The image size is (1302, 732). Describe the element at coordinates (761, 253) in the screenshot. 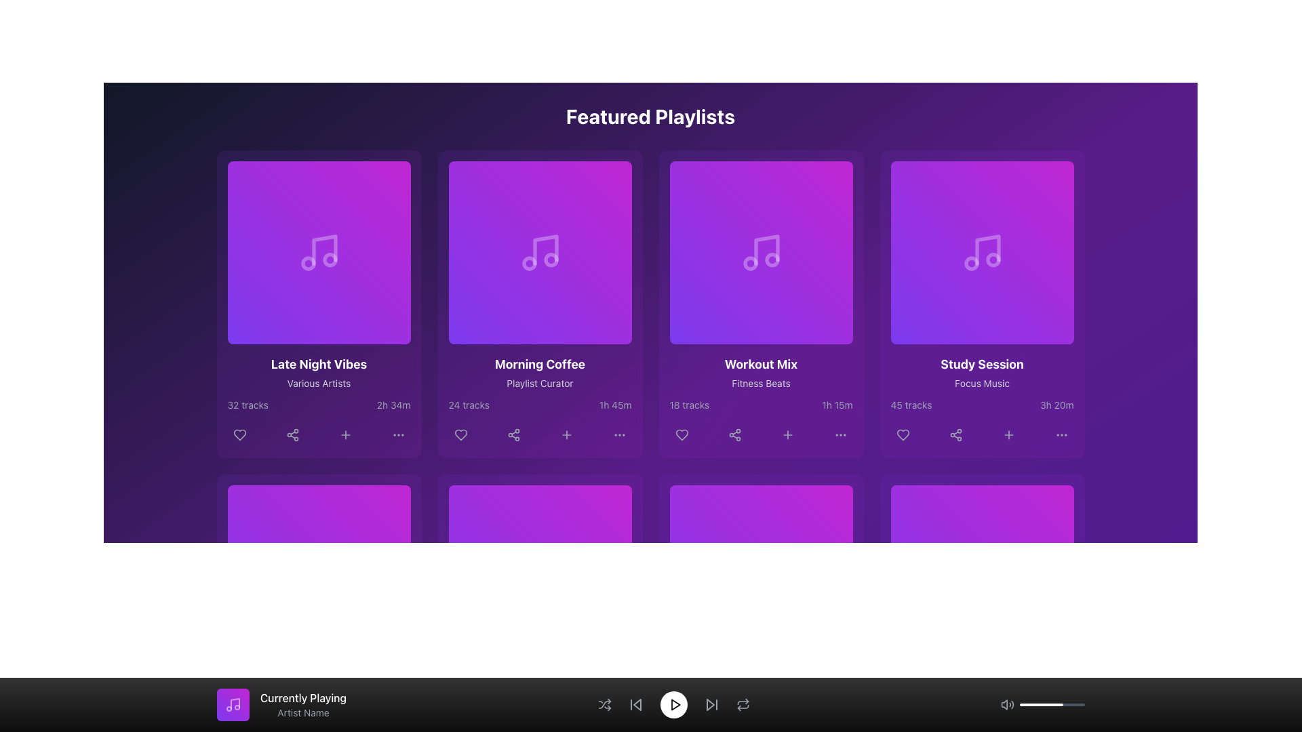

I see `the circular button with a play icon` at that location.